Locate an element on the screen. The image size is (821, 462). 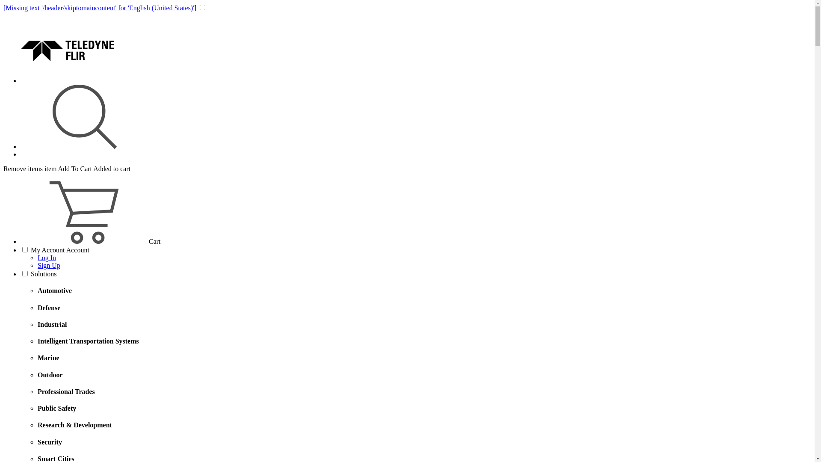
'Account' is located at coordinates (65, 250).